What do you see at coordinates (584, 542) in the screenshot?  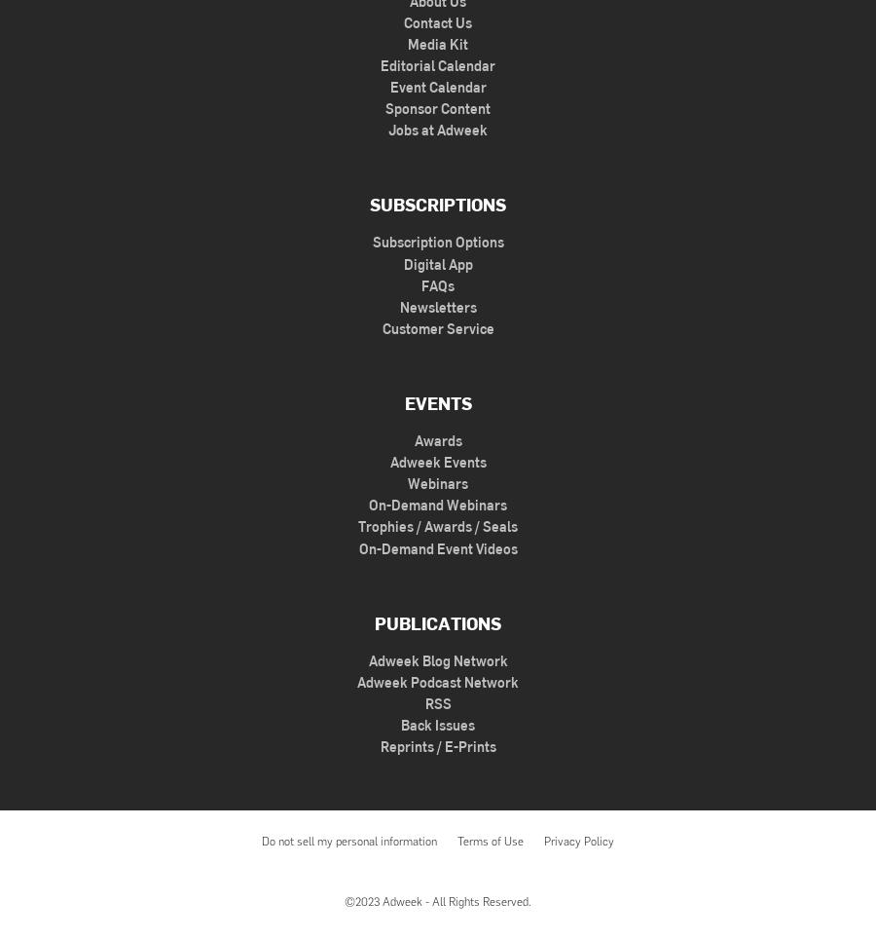 I see `'What Makes Premium Content Premium?'` at bounding box center [584, 542].